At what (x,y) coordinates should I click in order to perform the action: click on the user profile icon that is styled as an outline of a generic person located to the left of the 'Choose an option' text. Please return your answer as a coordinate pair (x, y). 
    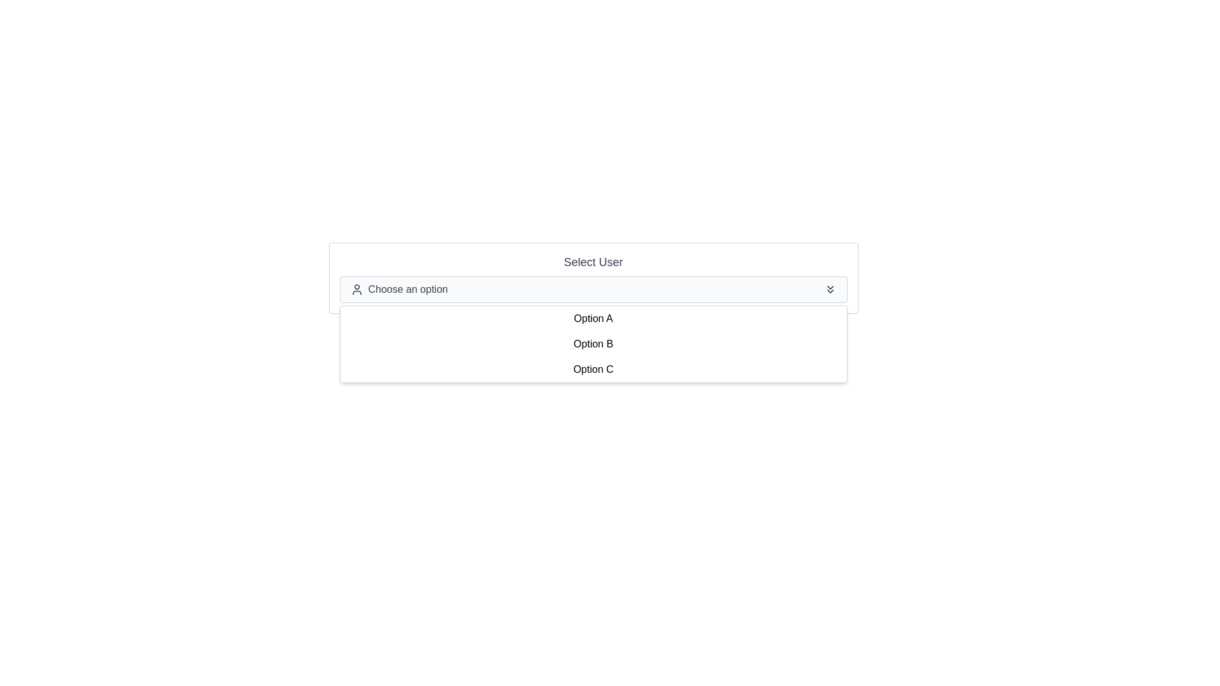
    Looking at the image, I should click on (356, 289).